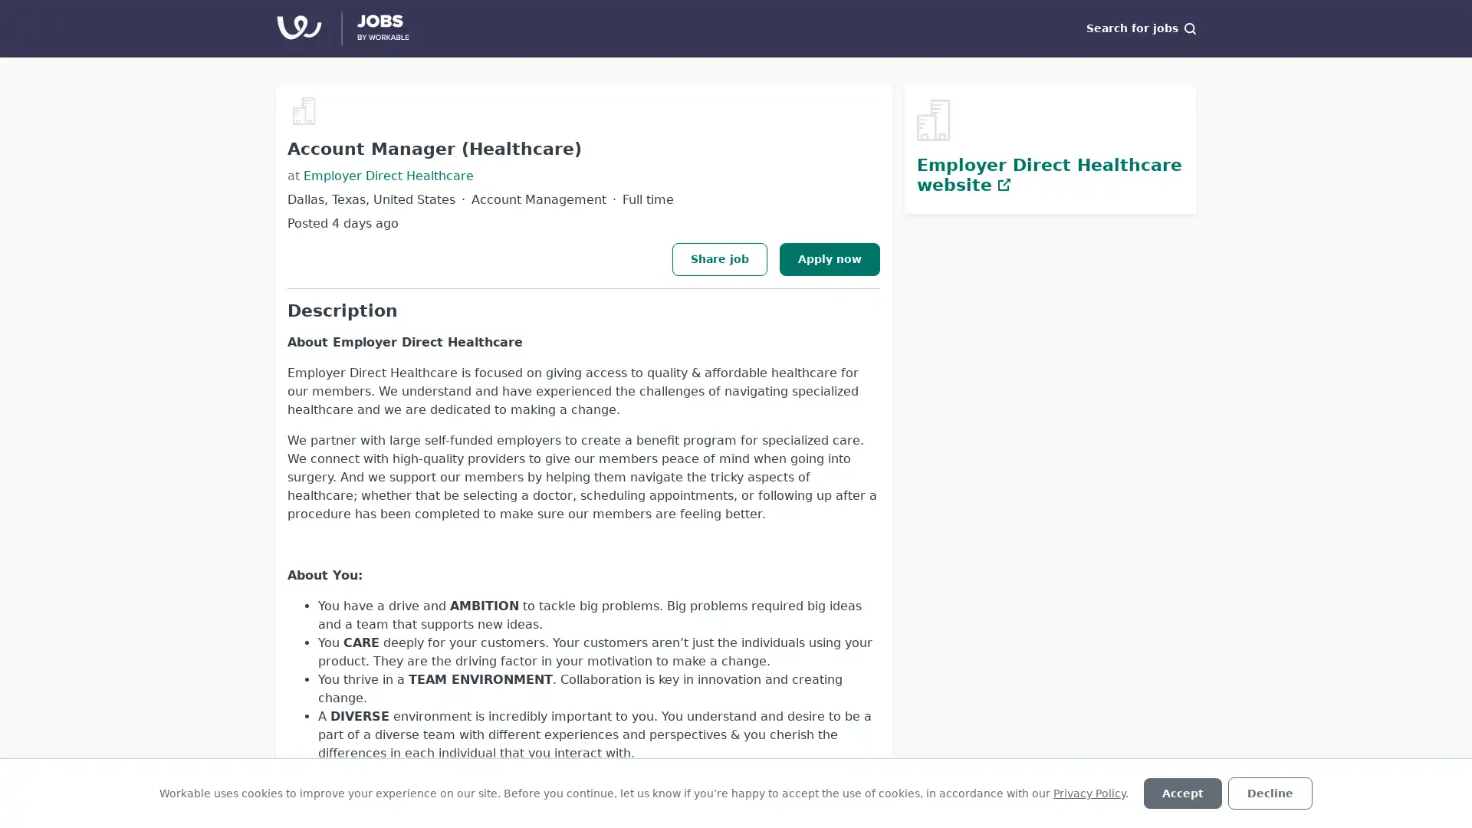 The height and width of the screenshot is (828, 1472). What do you see at coordinates (1181, 793) in the screenshot?
I see `Accept` at bounding box center [1181, 793].